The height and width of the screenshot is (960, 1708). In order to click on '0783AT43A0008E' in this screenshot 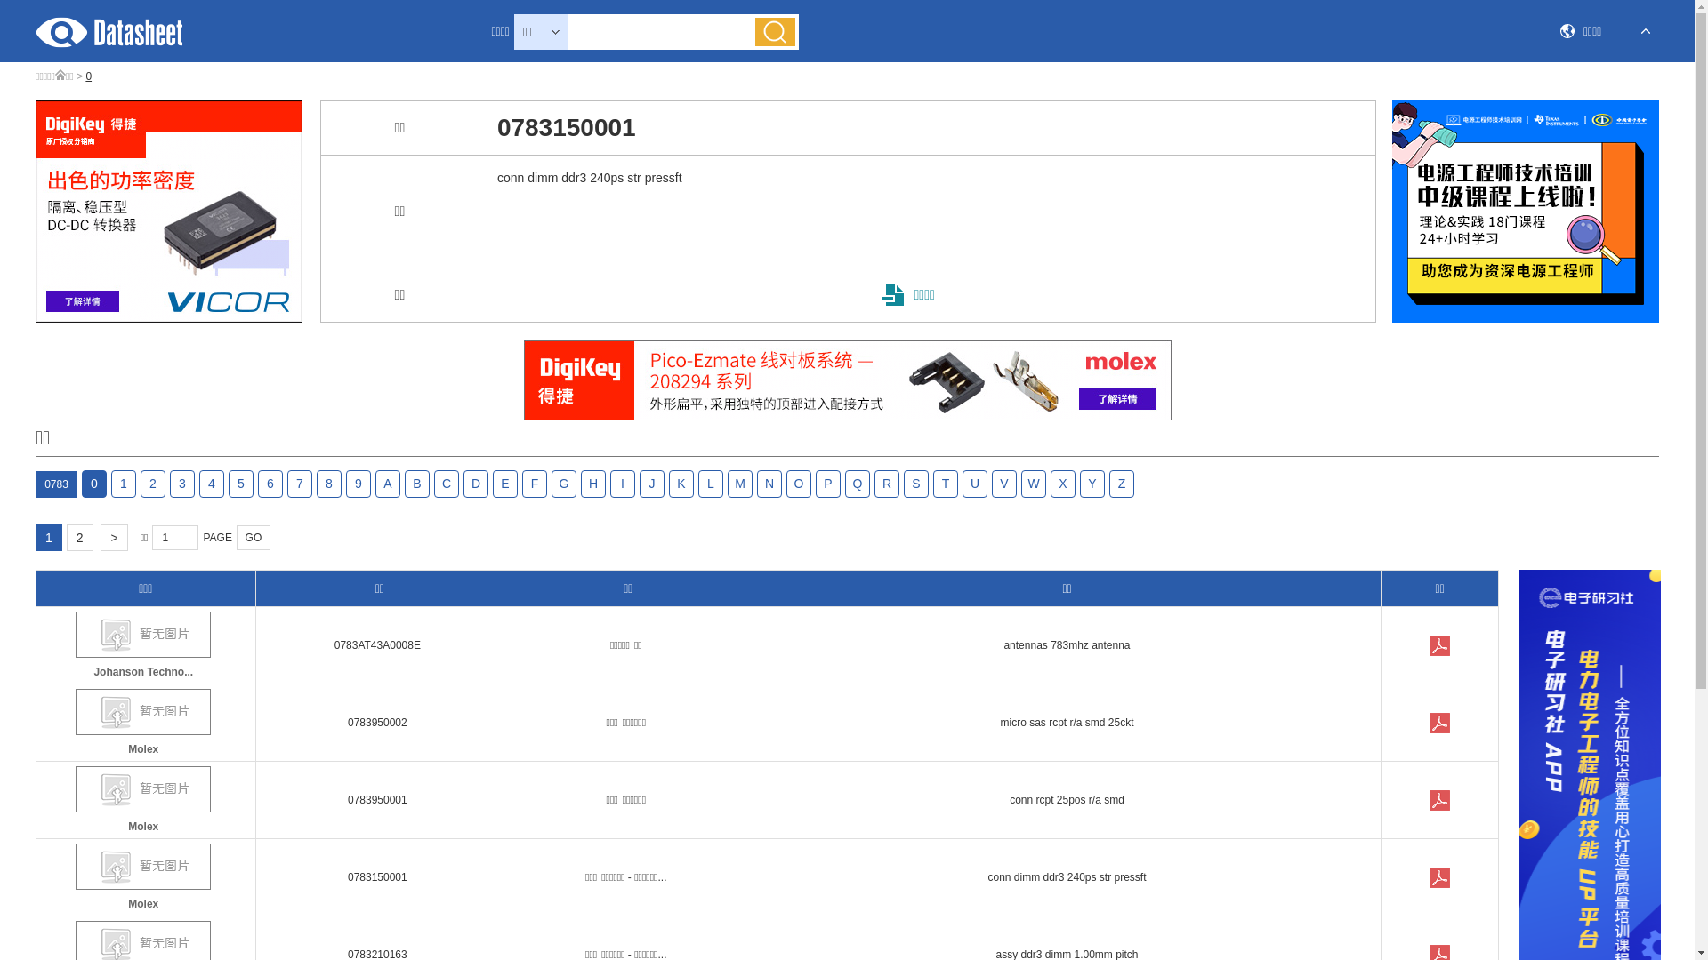, I will do `click(376, 644)`.